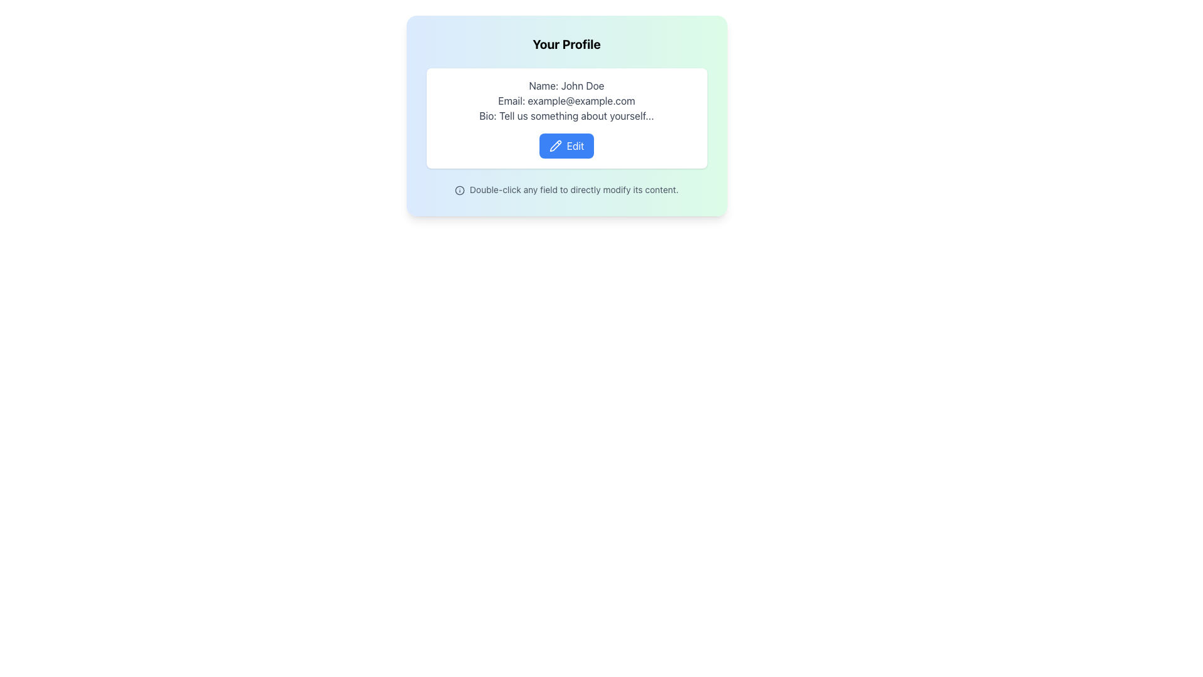  I want to click on the stylized pencil icon located inside the 'Edit' button to initiate the editing mode, so click(555, 145).